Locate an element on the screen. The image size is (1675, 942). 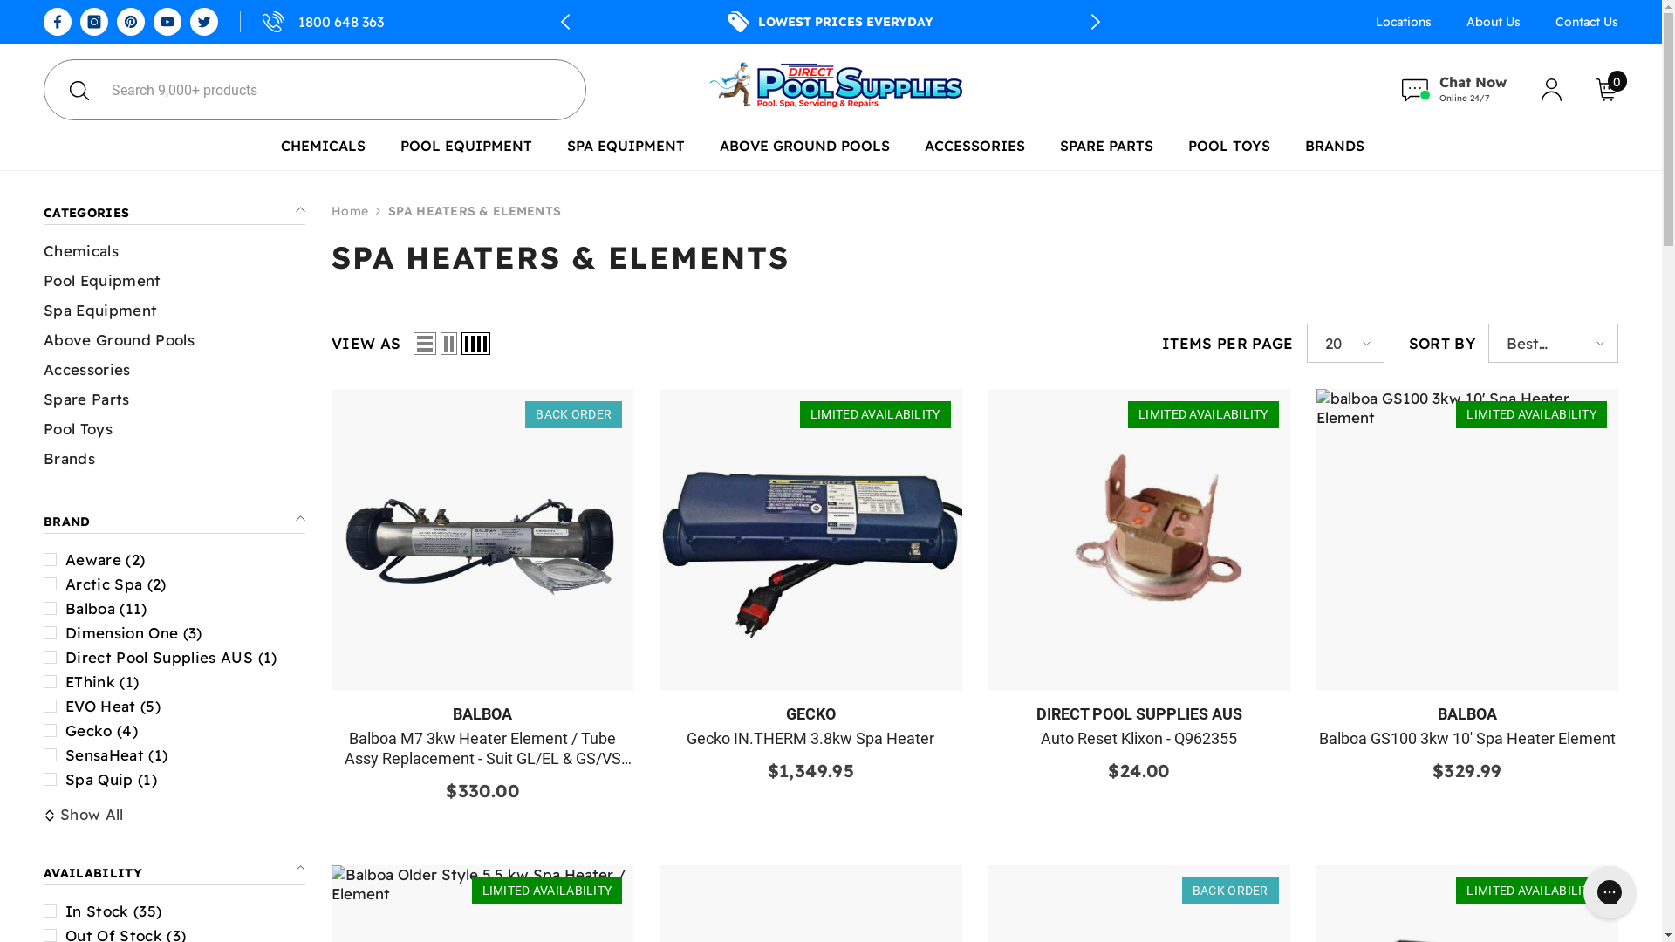
'Pinterest' is located at coordinates (129, 21).